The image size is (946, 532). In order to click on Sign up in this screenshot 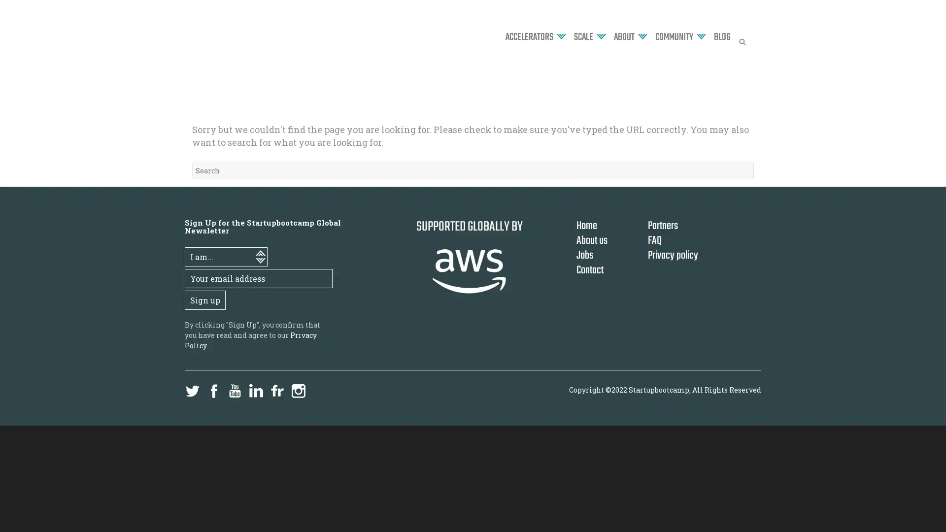, I will do `click(204, 299)`.